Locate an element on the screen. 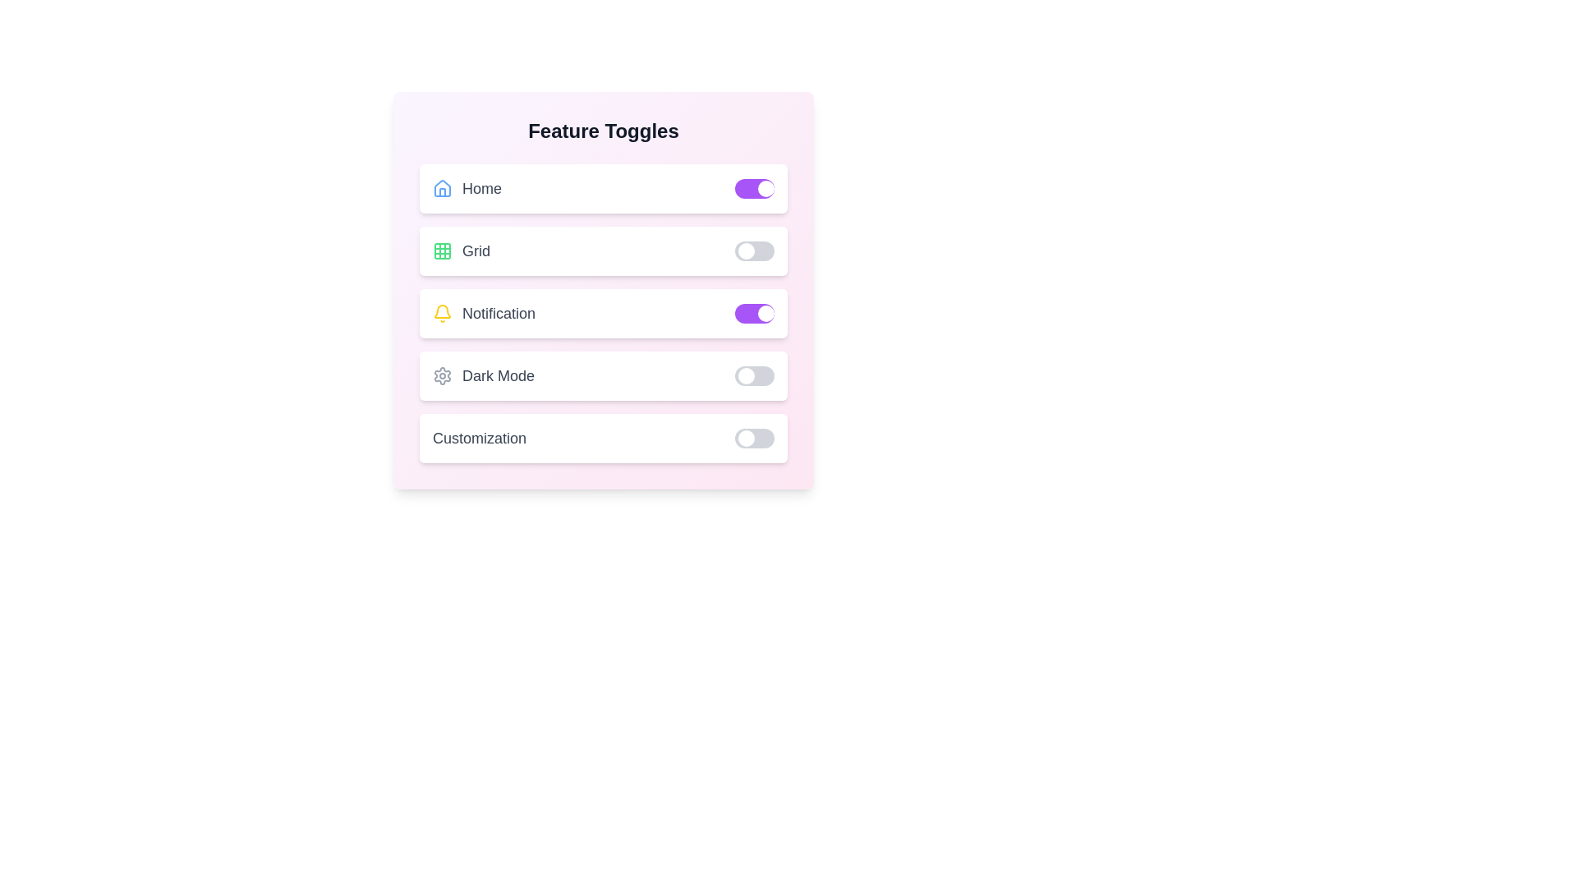  the decorative bell icon representing the notification feature, located within the bell icon in the vertical list under the 'Notification' label is located at coordinates (442, 311).